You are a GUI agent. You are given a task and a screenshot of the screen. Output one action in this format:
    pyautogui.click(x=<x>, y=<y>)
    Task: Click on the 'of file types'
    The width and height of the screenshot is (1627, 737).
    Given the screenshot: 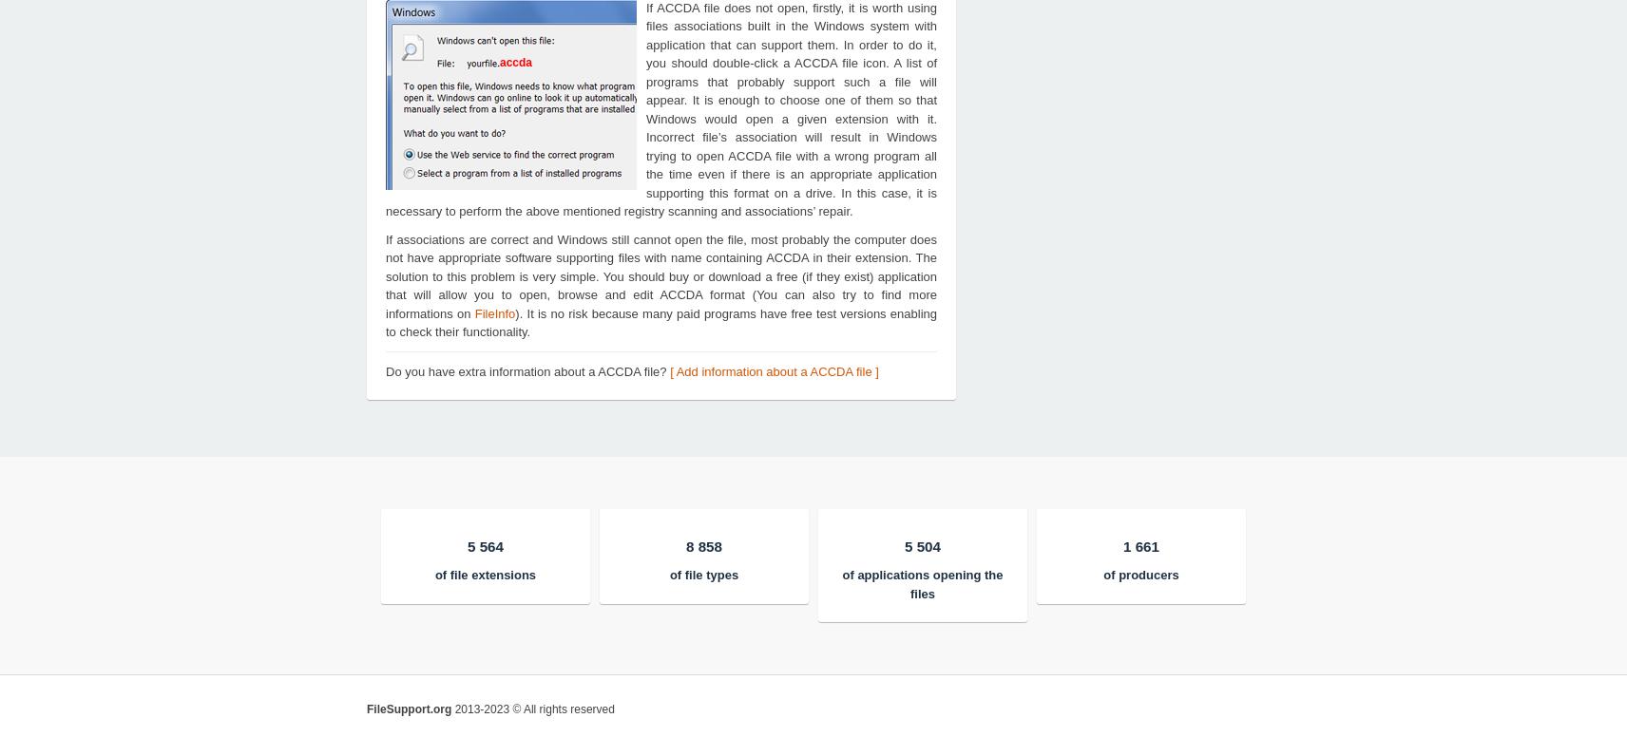 What is the action you would take?
    pyautogui.click(x=703, y=575)
    